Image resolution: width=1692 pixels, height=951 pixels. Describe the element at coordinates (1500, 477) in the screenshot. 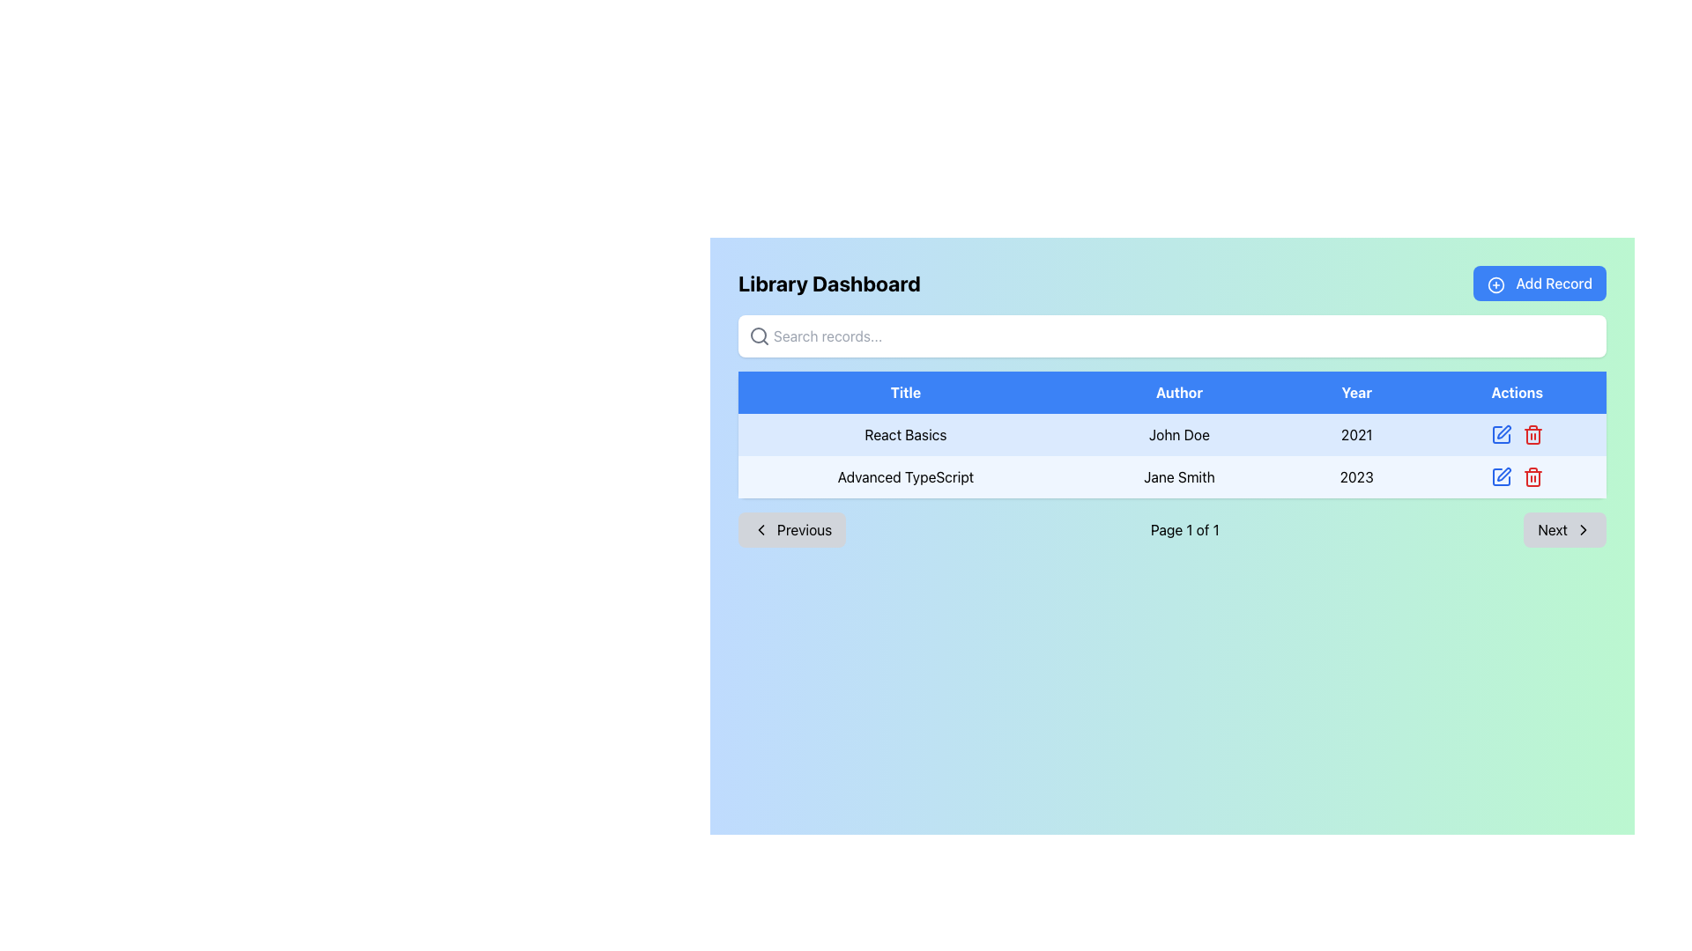

I see `the edit action icon styled as a pencil located in the 'Actions' column of the second row of the table` at that location.